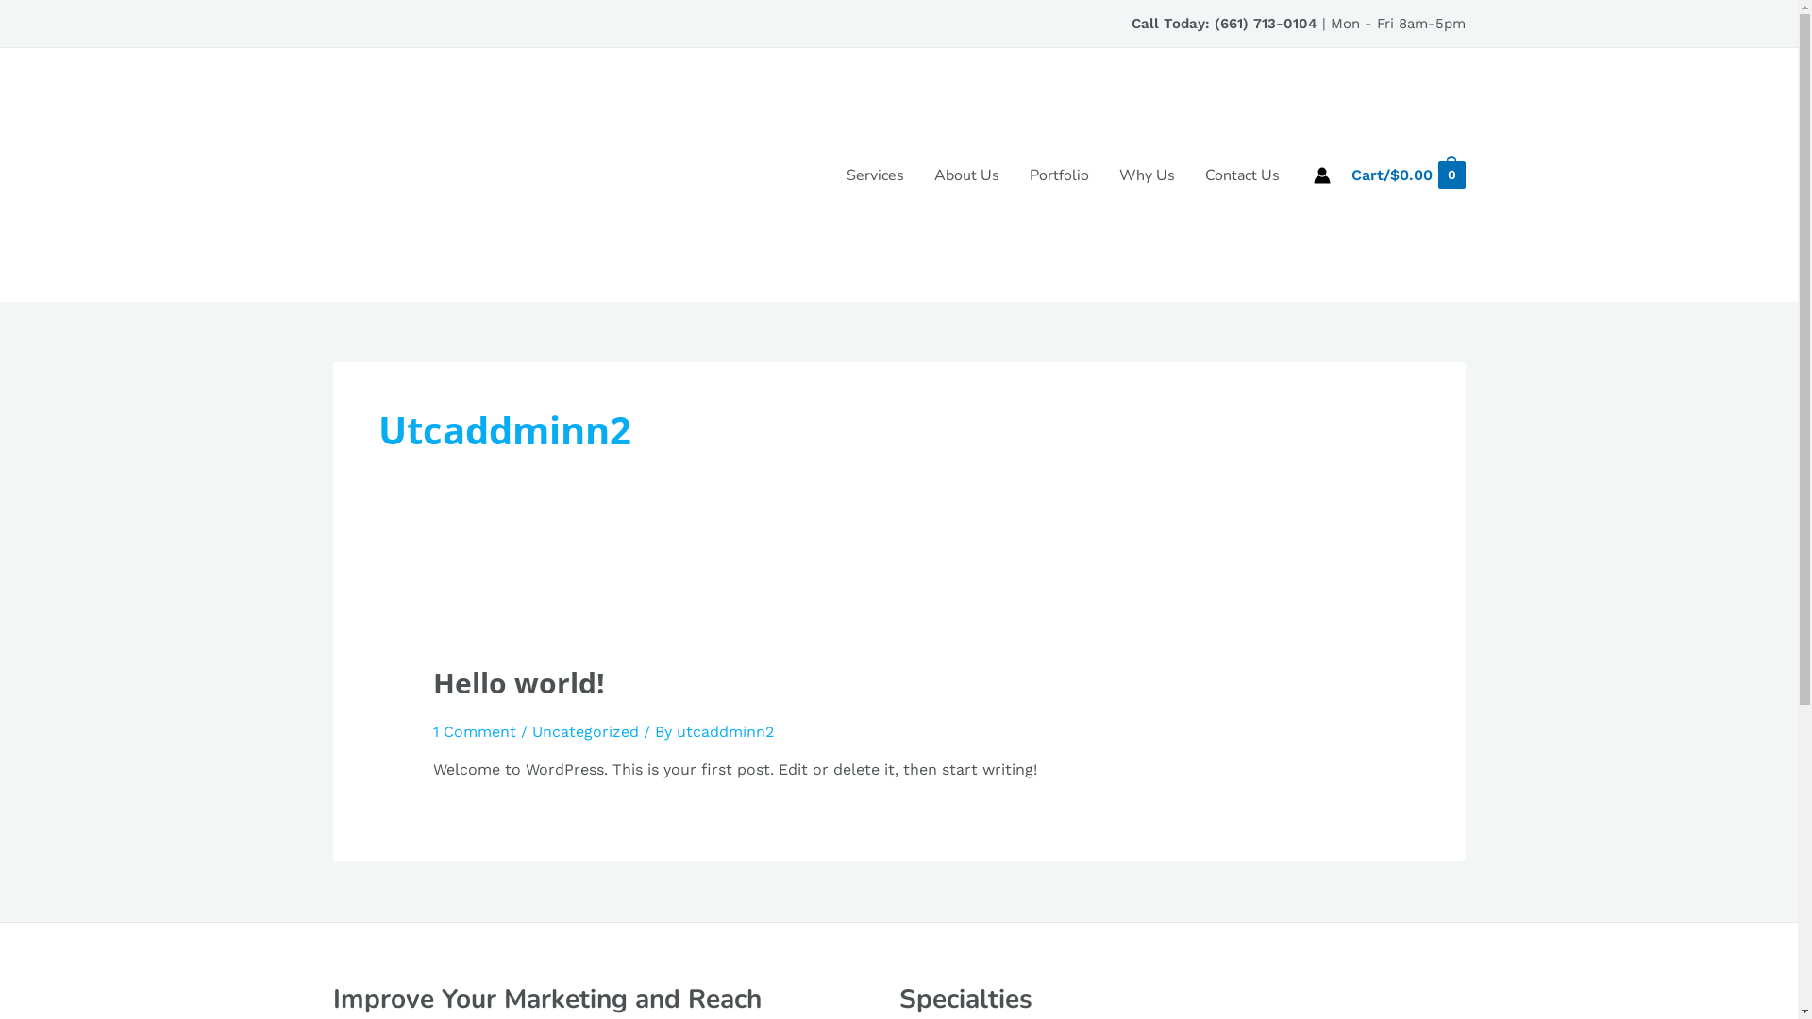  Describe the element at coordinates (1189, 175) in the screenshot. I see `'Contact Us'` at that location.